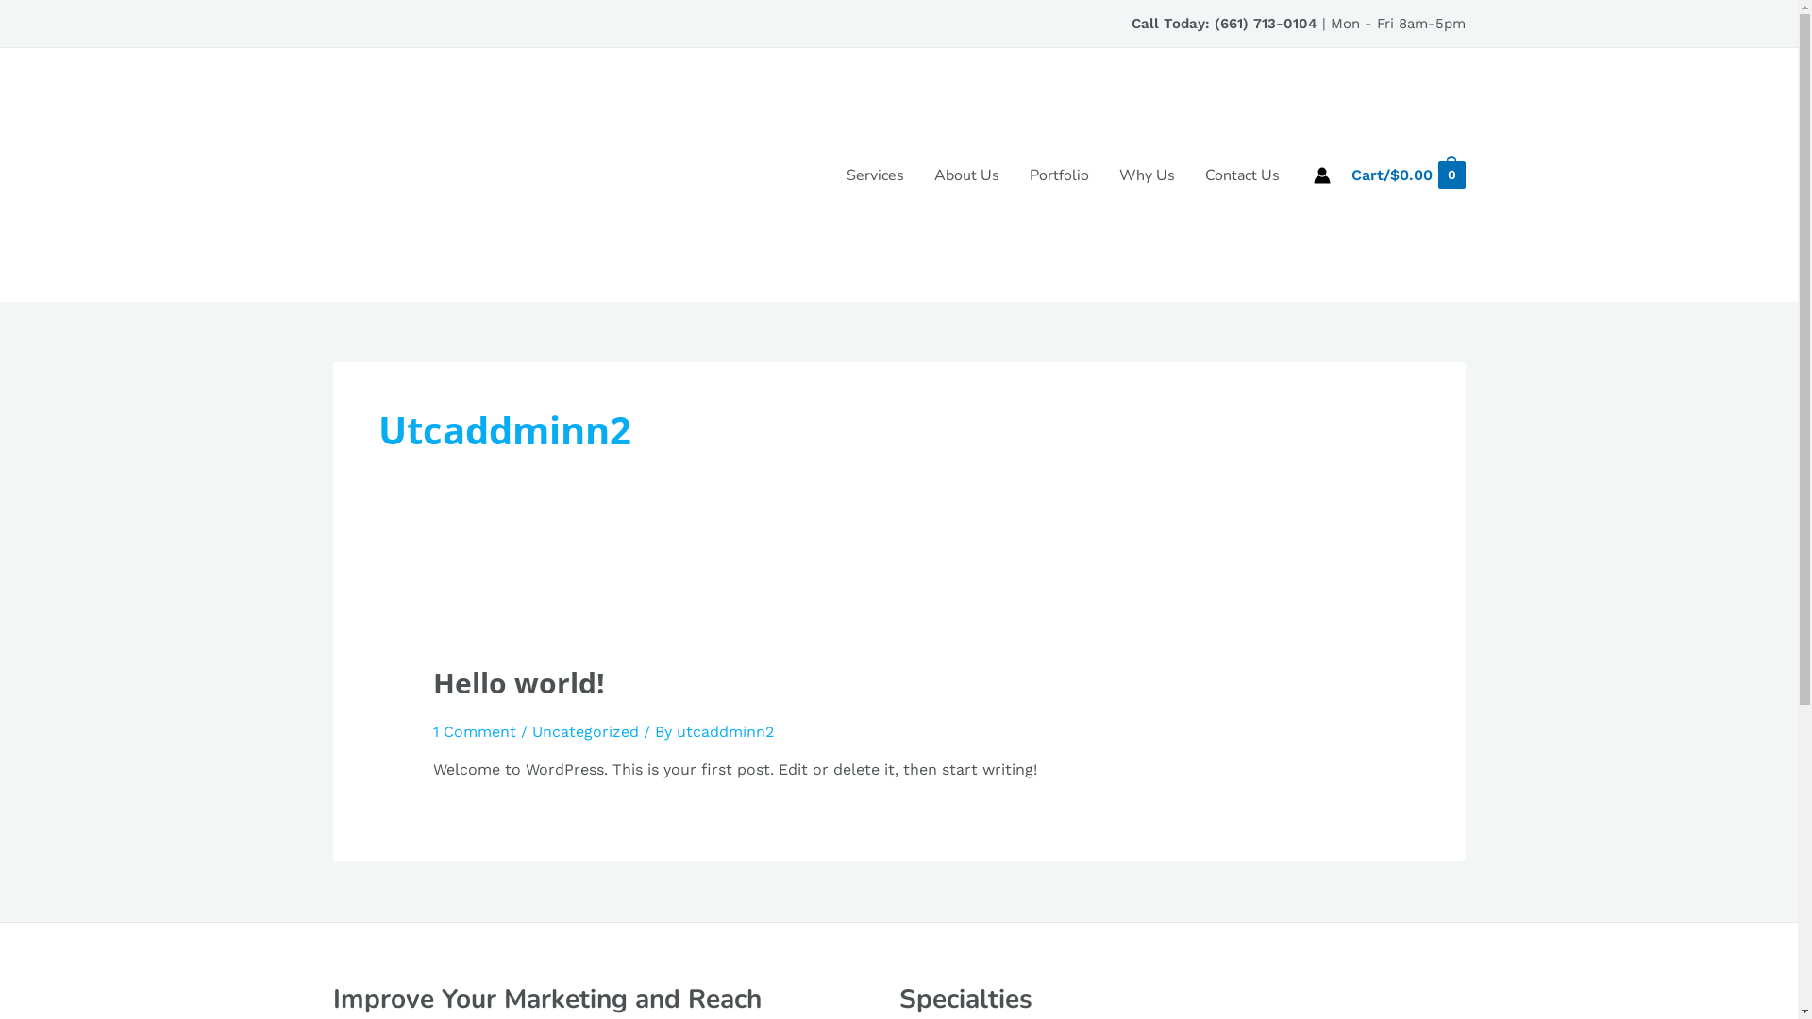  Describe the element at coordinates (1189, 175) in the screenshot. I see `'Contact Us'` at that location.